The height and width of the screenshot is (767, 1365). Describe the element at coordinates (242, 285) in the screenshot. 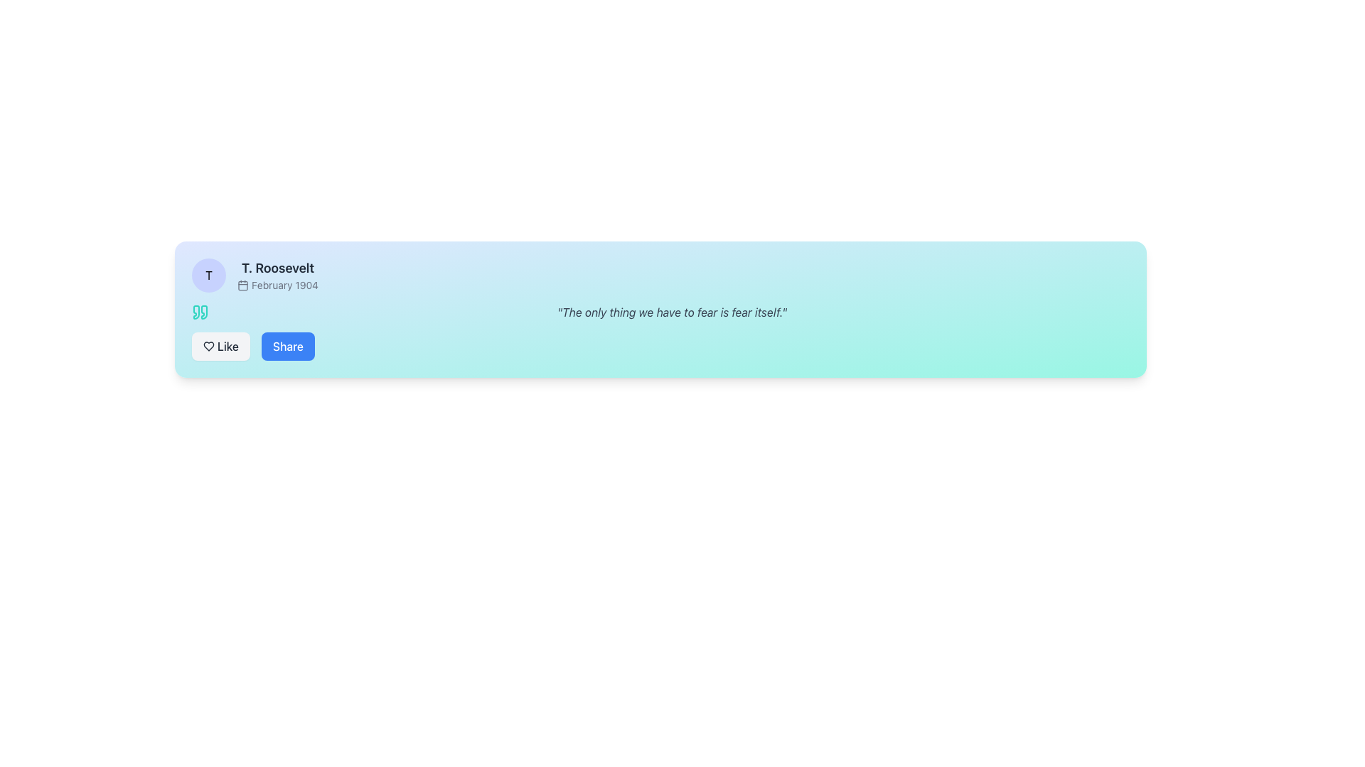

I see `the calendar icon located to the left of the text 'February 1904' and below 'T. Roosevelt' in the top-left corner of the card` at that location.